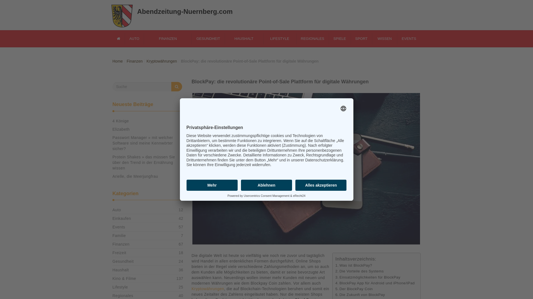  What do you see at coordinates (120, 287) in the screenshot?
I see `'Lifestyle` at bounding box center [120, 287].